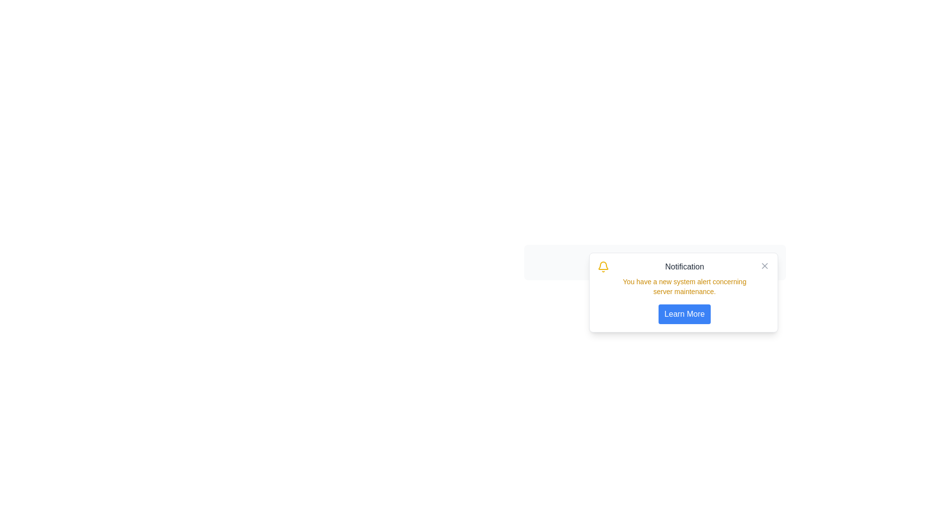 The image size is (945, 532). I want to click on the 'X' icon in the upper-right corner of the notification box, so click(764, 266).